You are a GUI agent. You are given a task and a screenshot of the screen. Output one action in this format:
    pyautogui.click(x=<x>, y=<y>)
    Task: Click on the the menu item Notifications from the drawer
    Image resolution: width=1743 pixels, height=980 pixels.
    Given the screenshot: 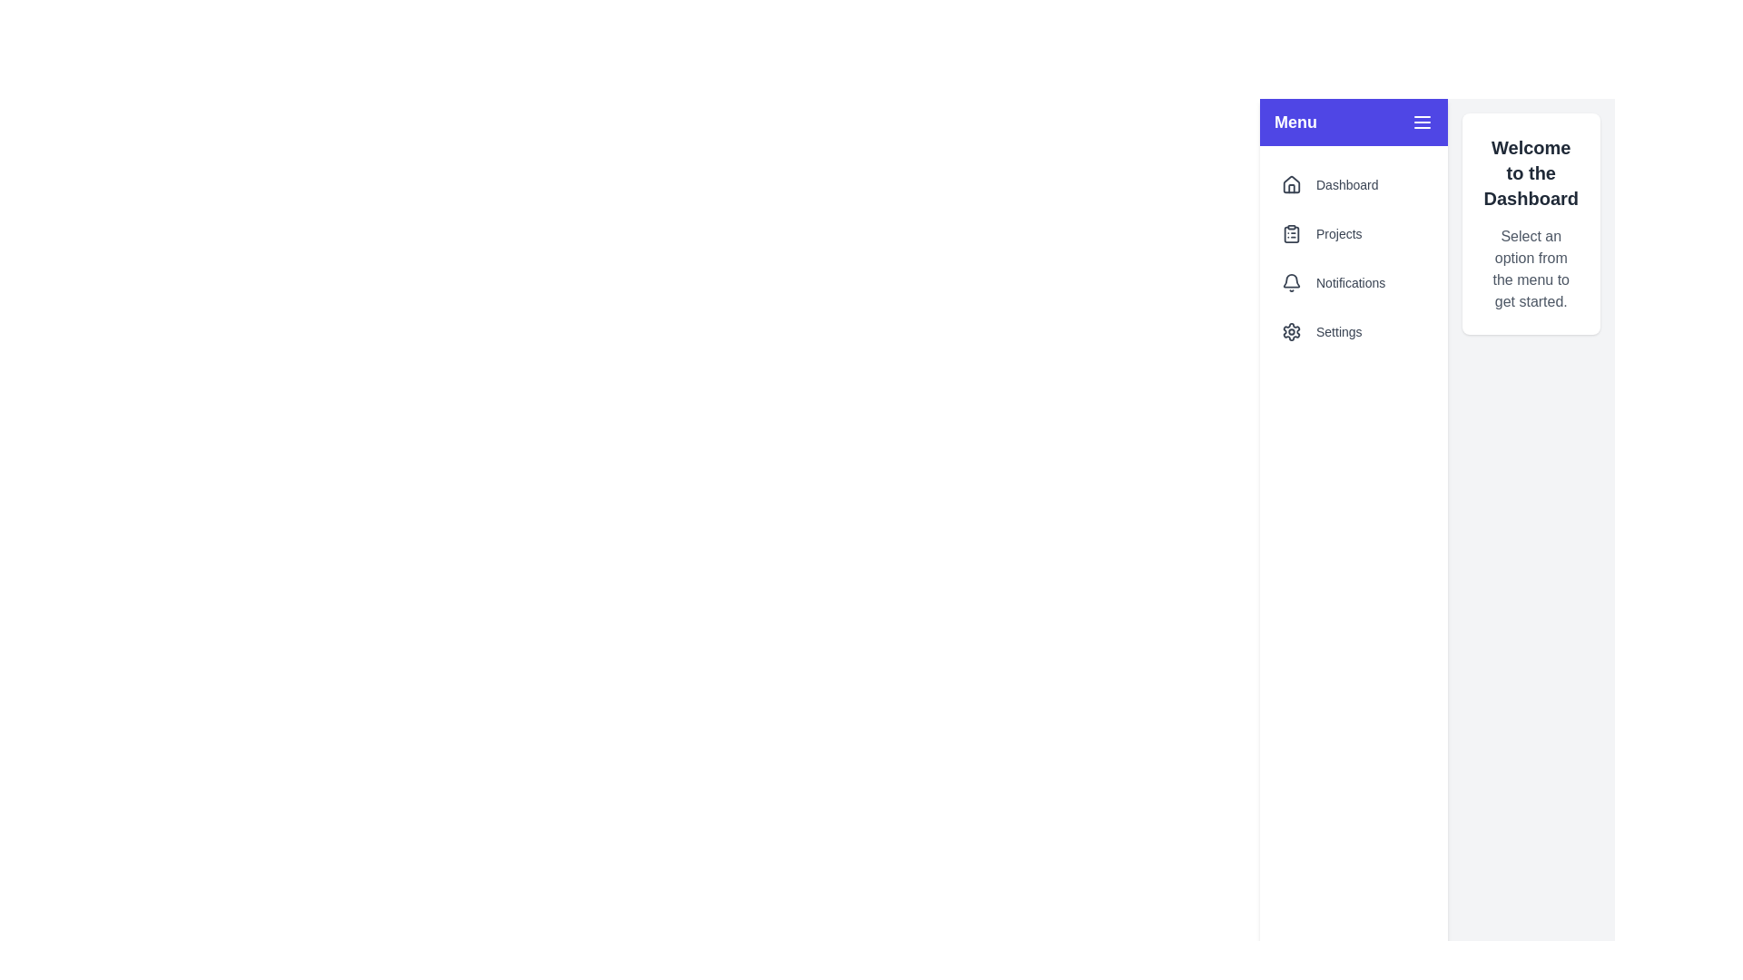 What is the action you would take?
    pyautogui.click(x=1354, y=283)
    